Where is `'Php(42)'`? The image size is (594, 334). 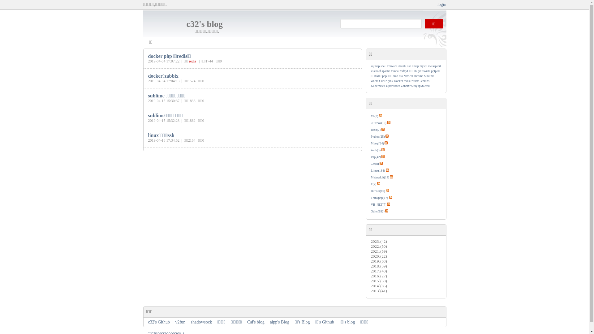 'Php(42)' is located at coordinates (375, 156).